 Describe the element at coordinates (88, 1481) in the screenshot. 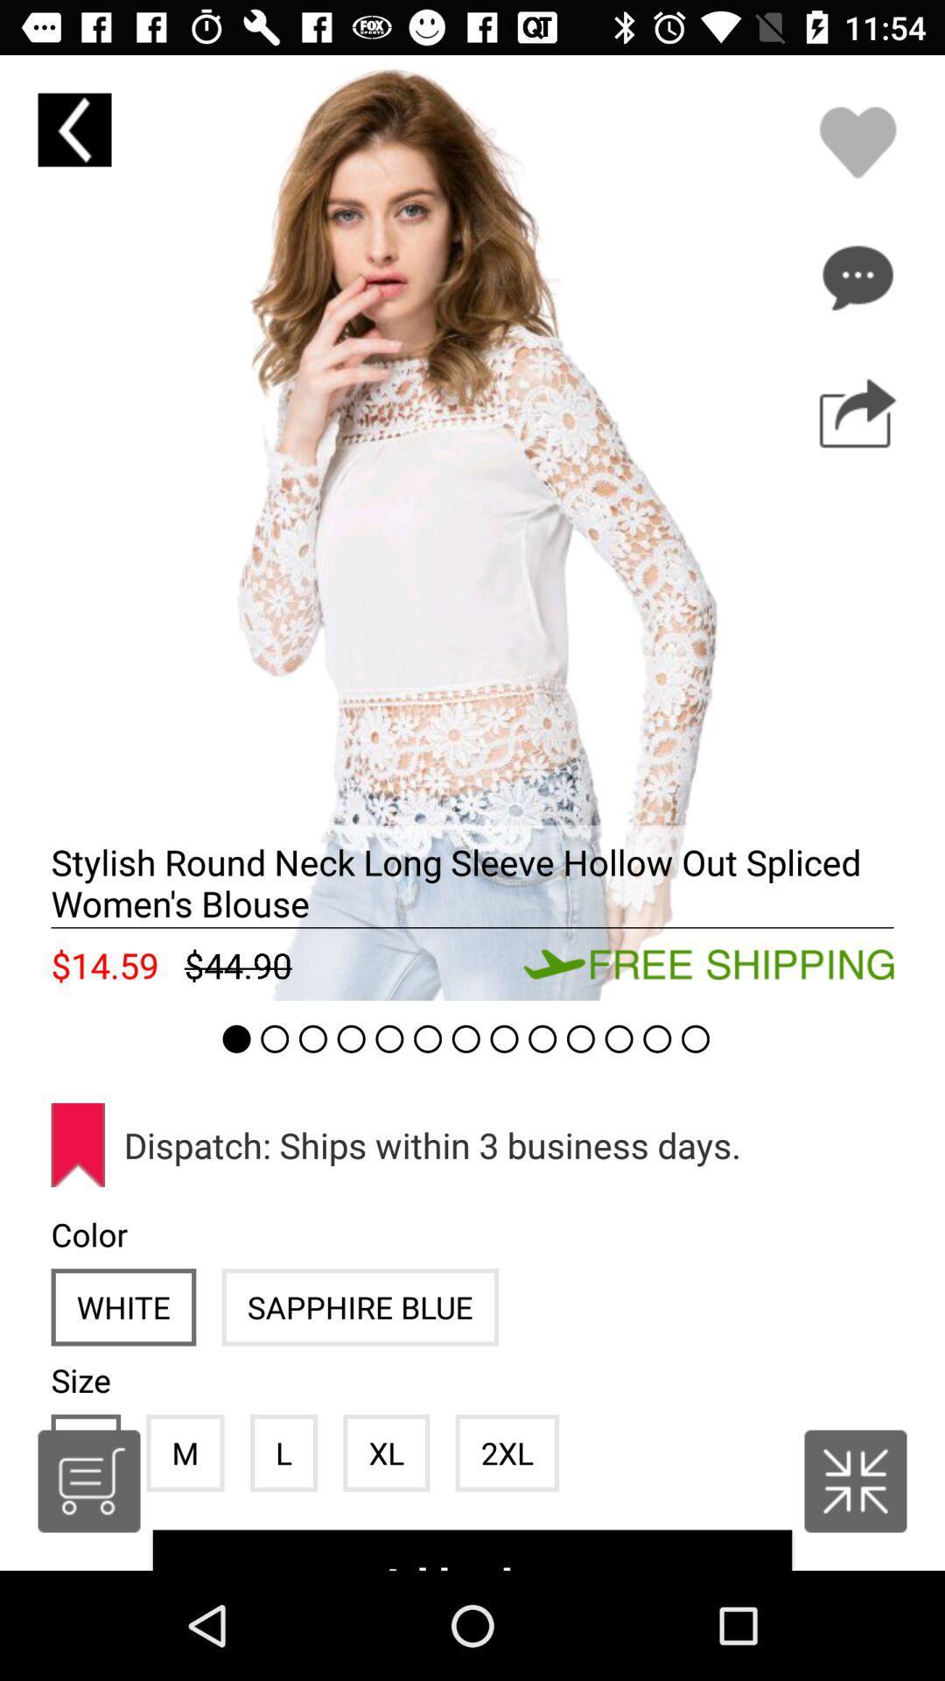

I see `the cart icon` at that location.